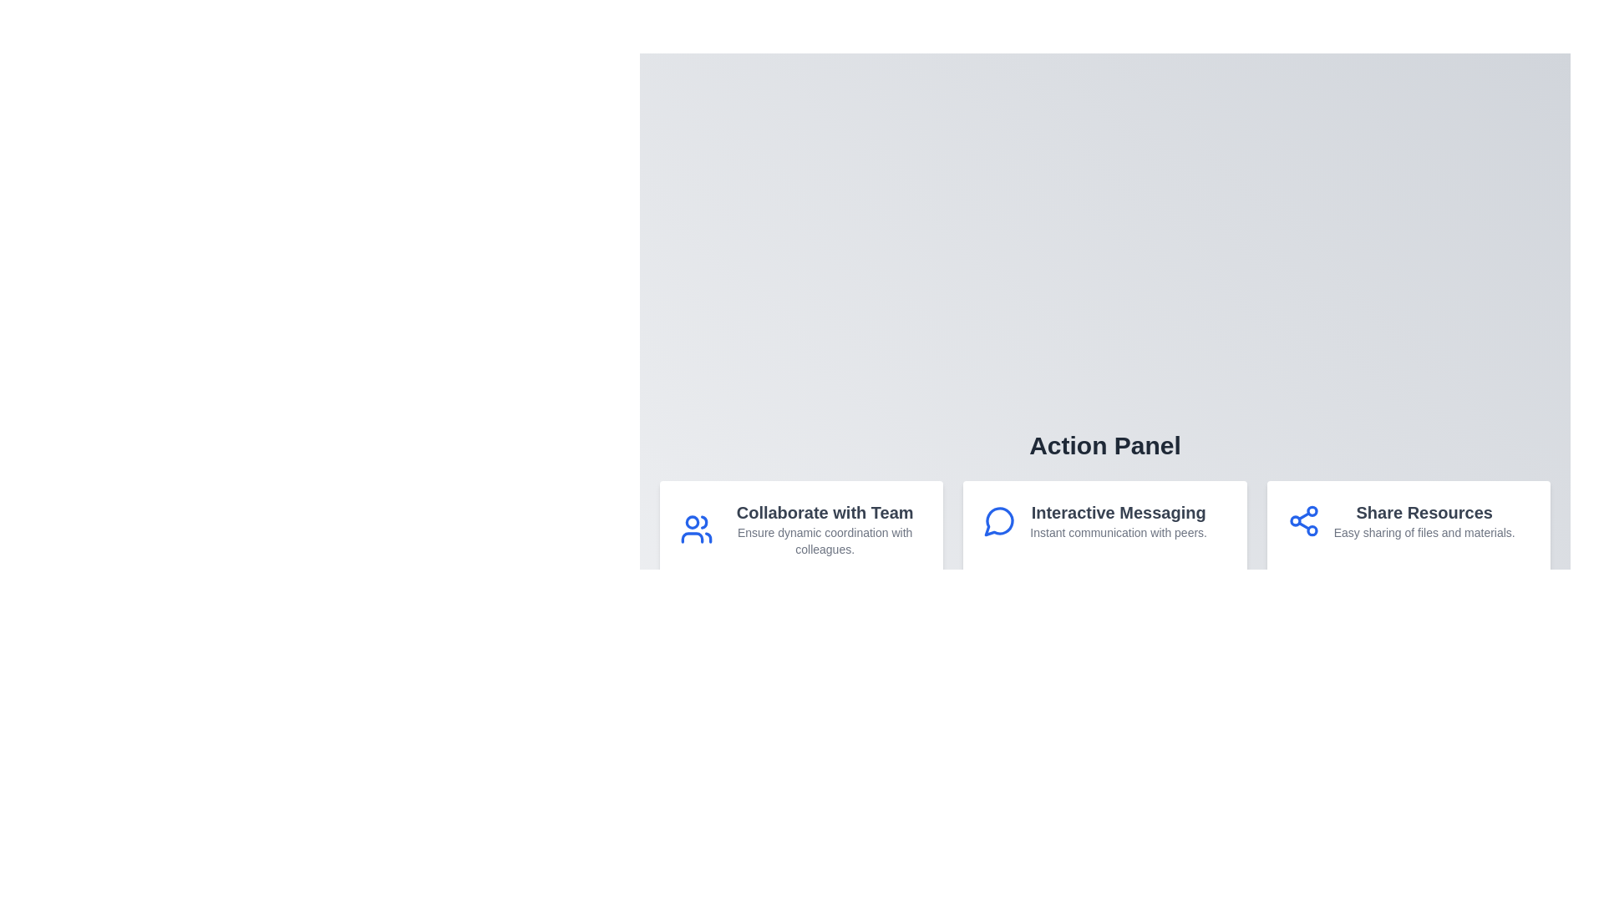 Image resolution: width=1604 pixels, height=902 pixels. Describe the element at coordinates (1424, 532) in the screenshot. I see `the static text element that summarizes the 'Share Resources' section, located near the bottom-right corner of the interface beneath the heading 'Share Resources'` at that location.